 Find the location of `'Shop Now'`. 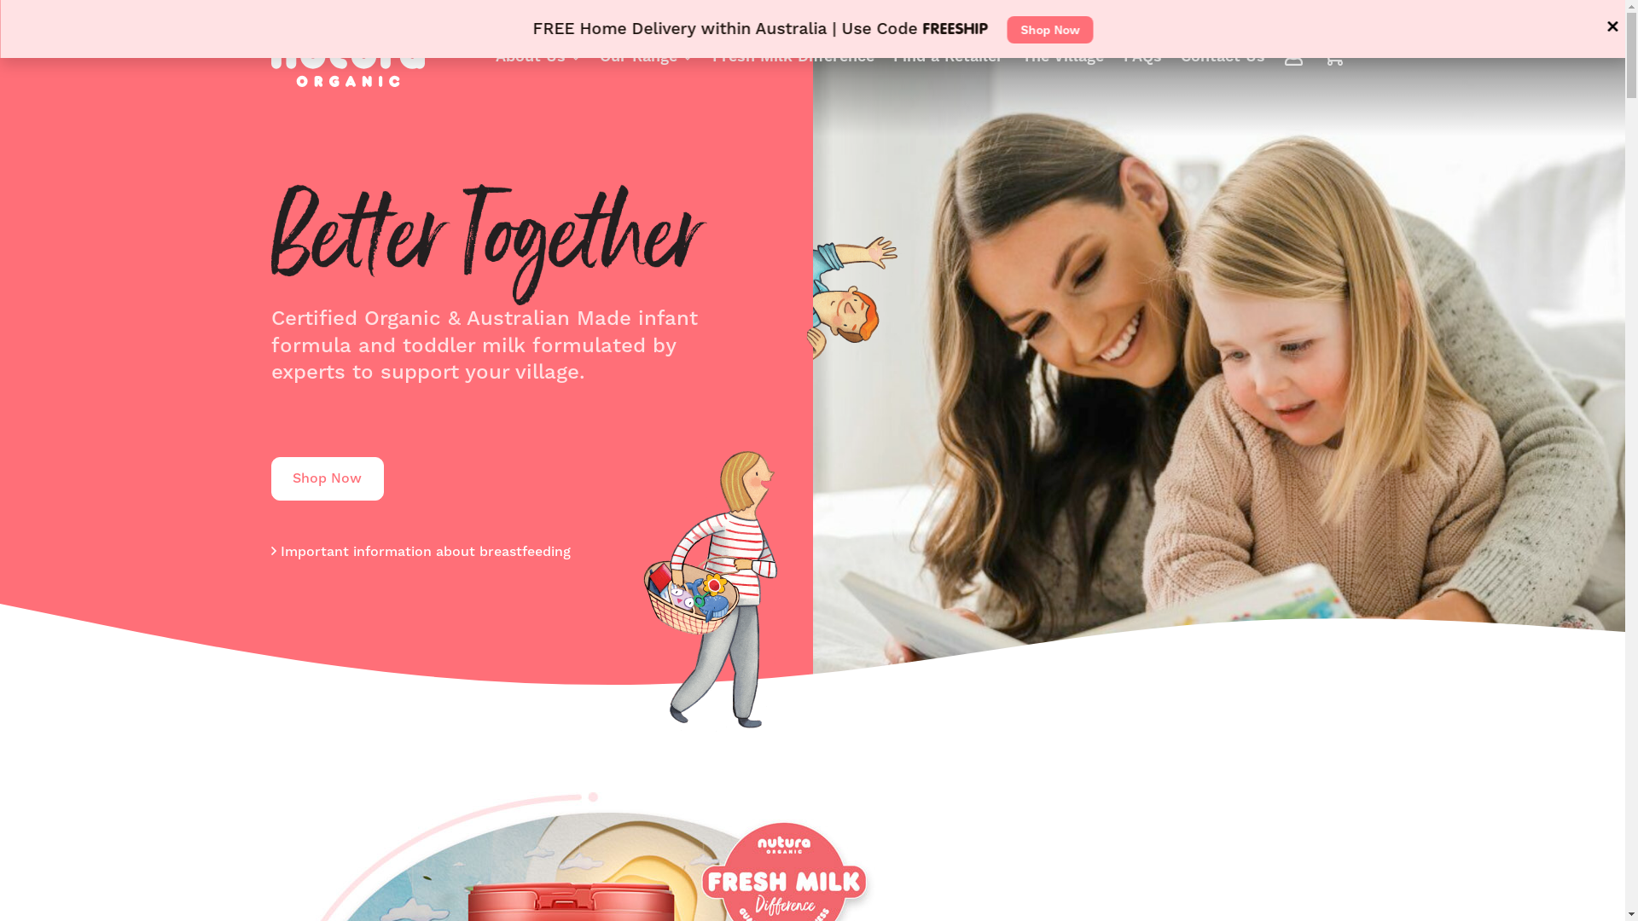

'Shop Now' is located at coordinates (328, 478).